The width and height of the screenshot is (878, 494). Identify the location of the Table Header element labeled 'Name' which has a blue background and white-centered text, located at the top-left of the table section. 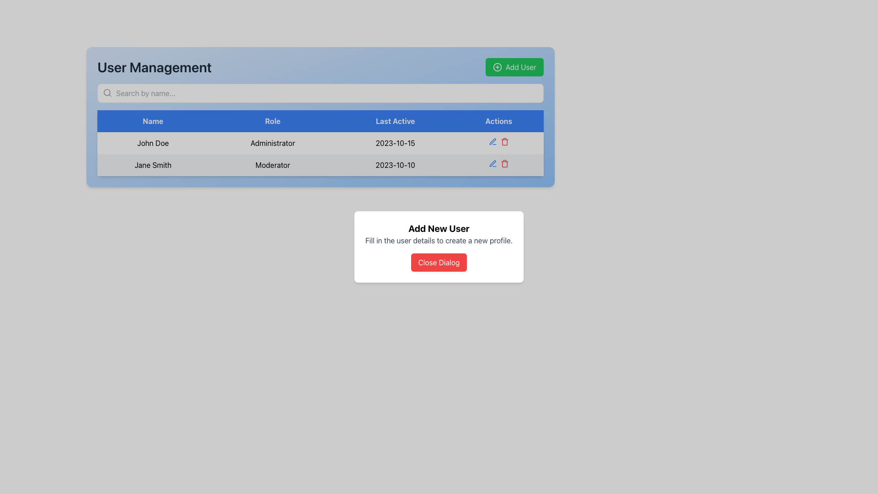
(153, 121).